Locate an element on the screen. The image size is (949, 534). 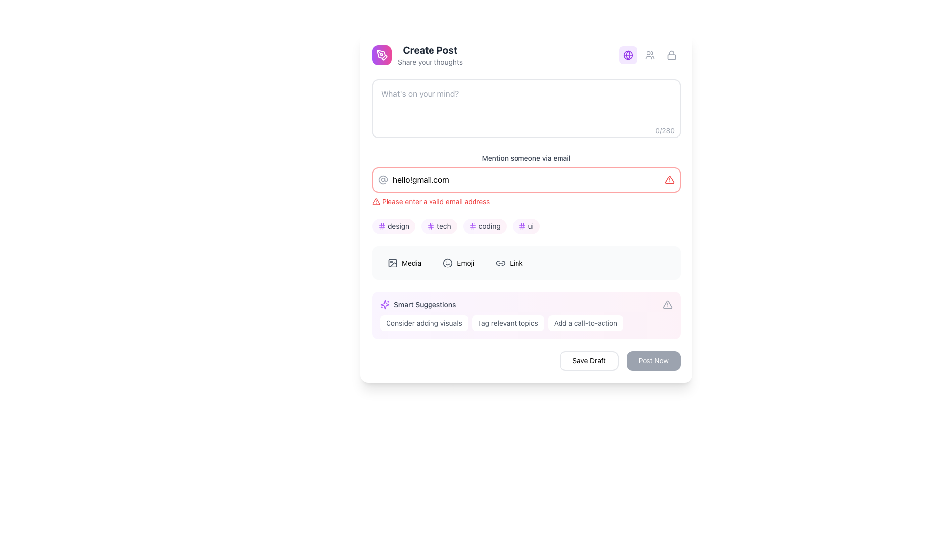
the 'Add a call-to-action' button located in the 'Smart Suggestions' section is located at coordinates (586, 323).